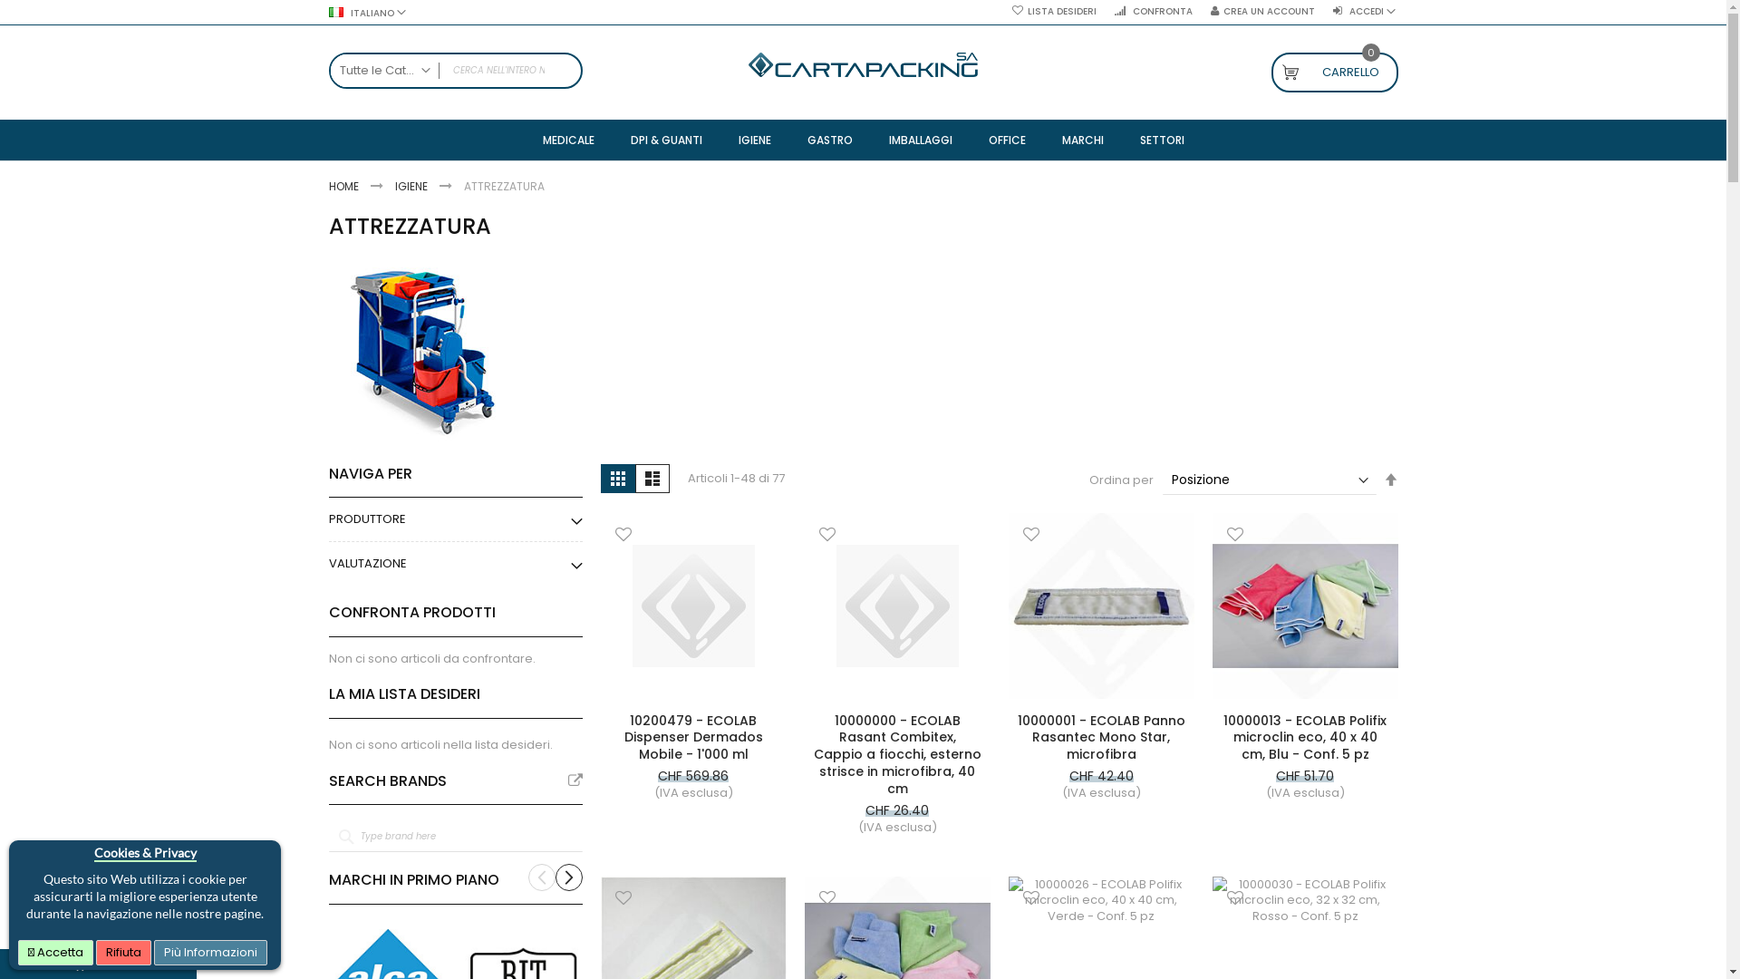 This screenshot has width=1740, height=979. I want to click on 'CREA UN ACCOUNT', so click(1261, 11).